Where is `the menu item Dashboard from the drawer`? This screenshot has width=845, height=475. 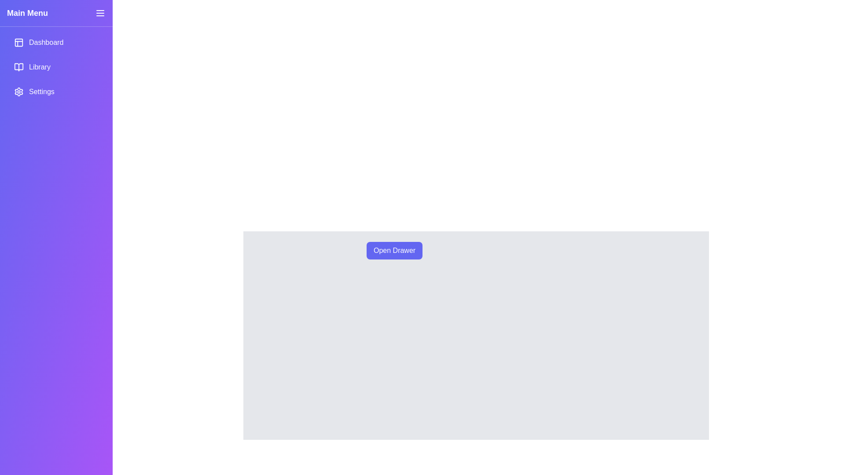
the menu item Dashboard from the drawer is located at coordinates (56, 42).